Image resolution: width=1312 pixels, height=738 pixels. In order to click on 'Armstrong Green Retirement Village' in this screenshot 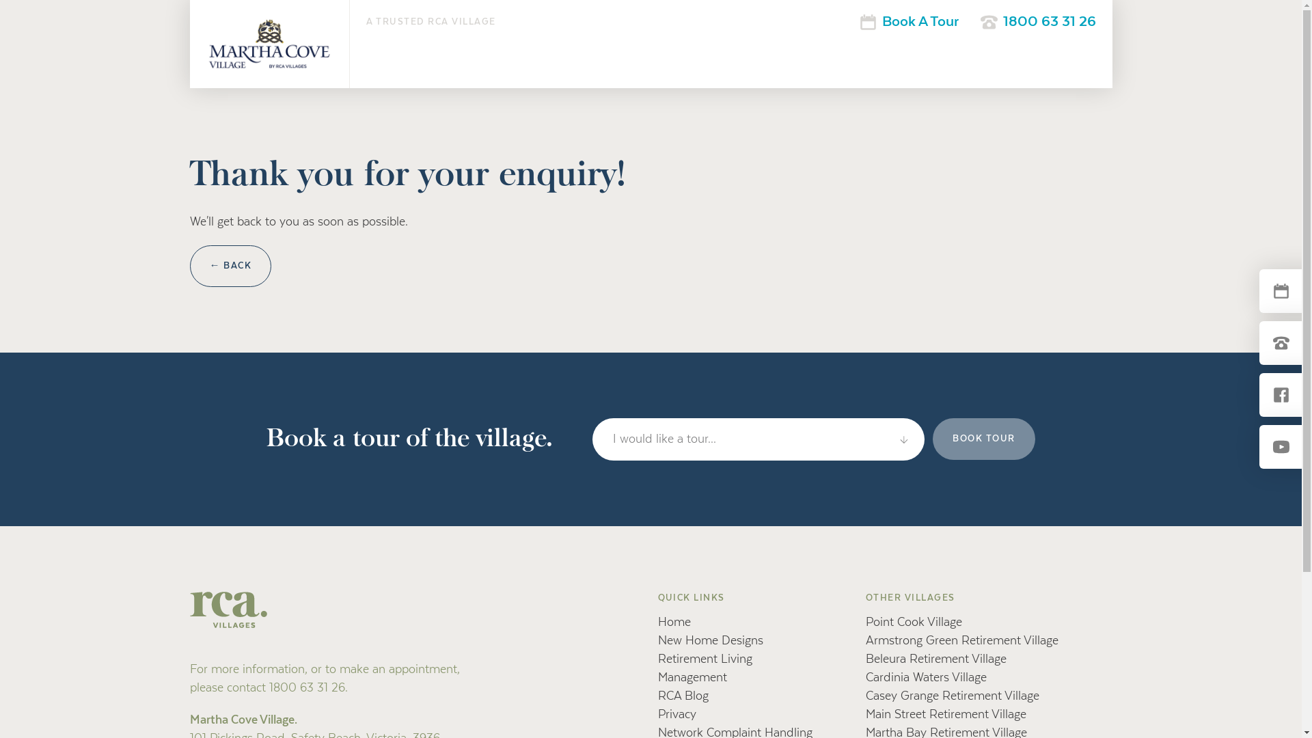, I will do `click(961, 640)`.